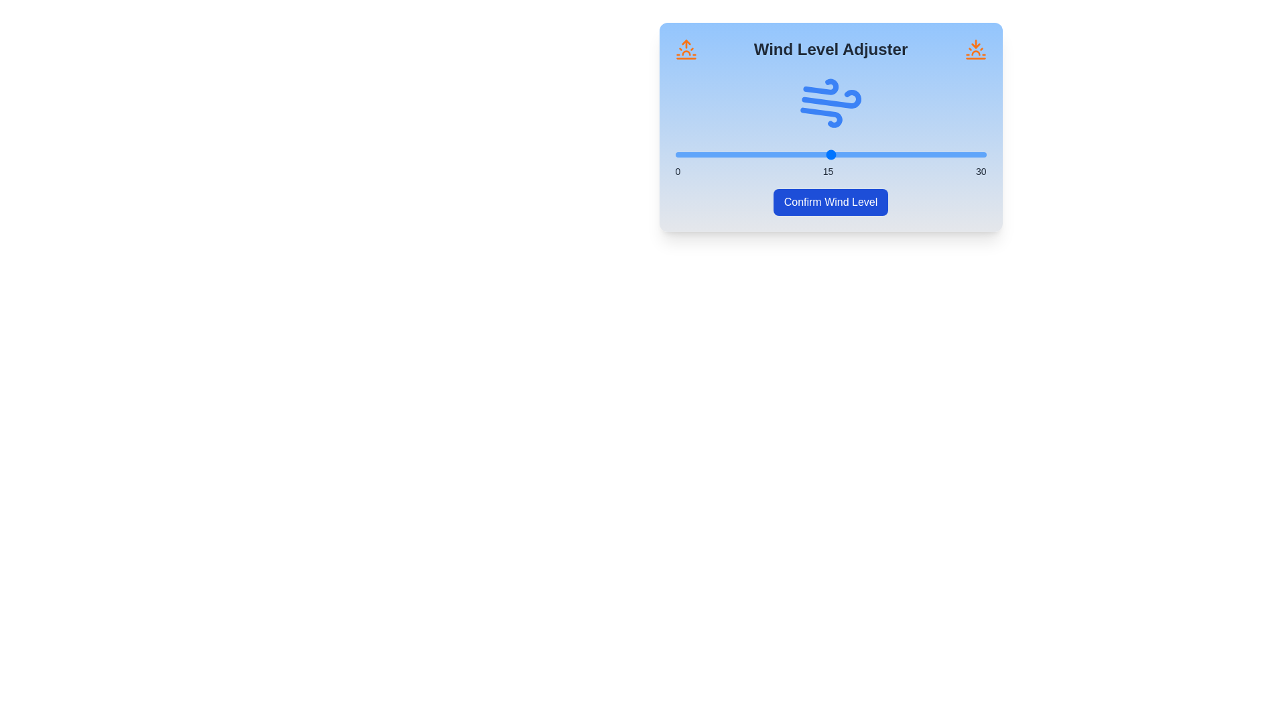  Describe the element at coordinates (716, 154) in the screenshot. I see `the wind level to 4 by moving the slider` at that location.